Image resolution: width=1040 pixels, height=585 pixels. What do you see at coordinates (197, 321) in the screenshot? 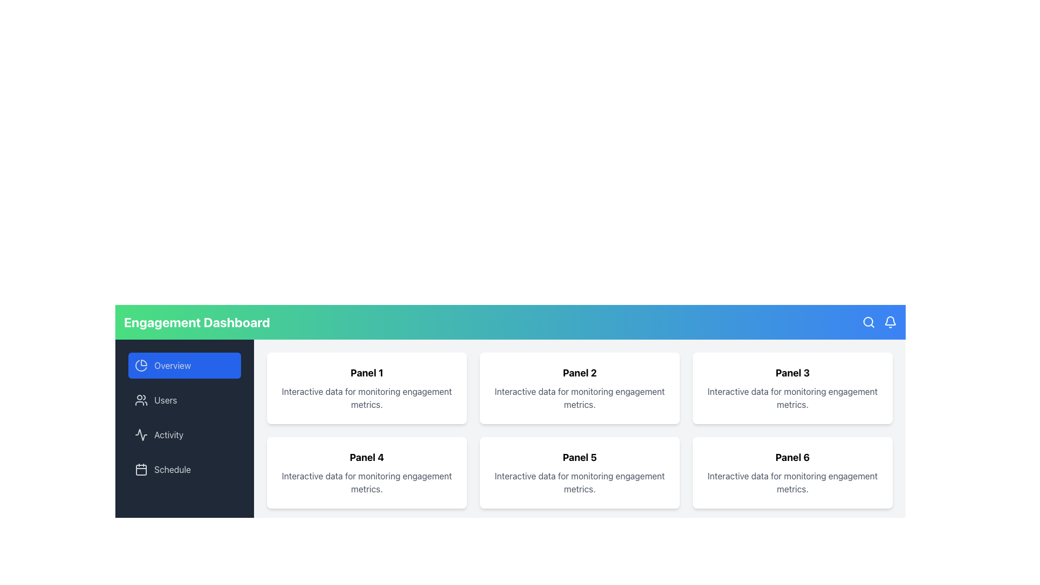
I see `the title or heading text located in the left section of the banner header, which indicates the purpose or context of the displayed content` at bounding box center [197, 321].